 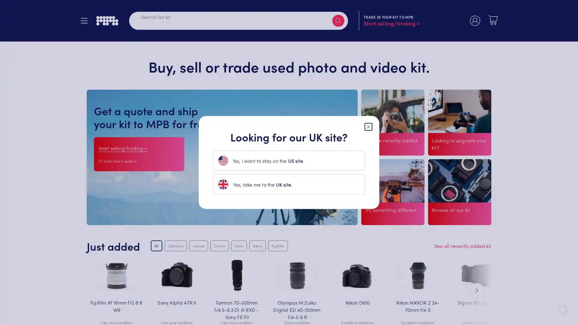 I want to click on Menu, so click(x=86, y=21).